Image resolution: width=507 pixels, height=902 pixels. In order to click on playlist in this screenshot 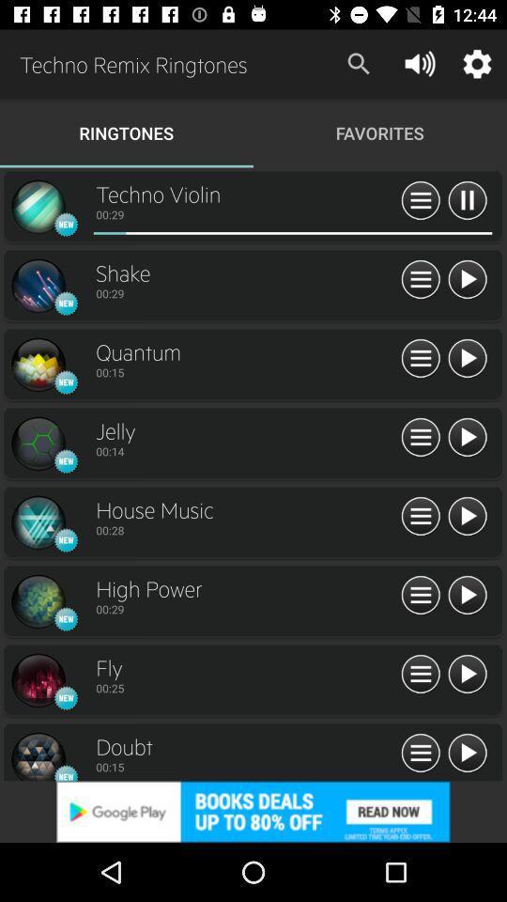, I will do `click(421, 517)`.